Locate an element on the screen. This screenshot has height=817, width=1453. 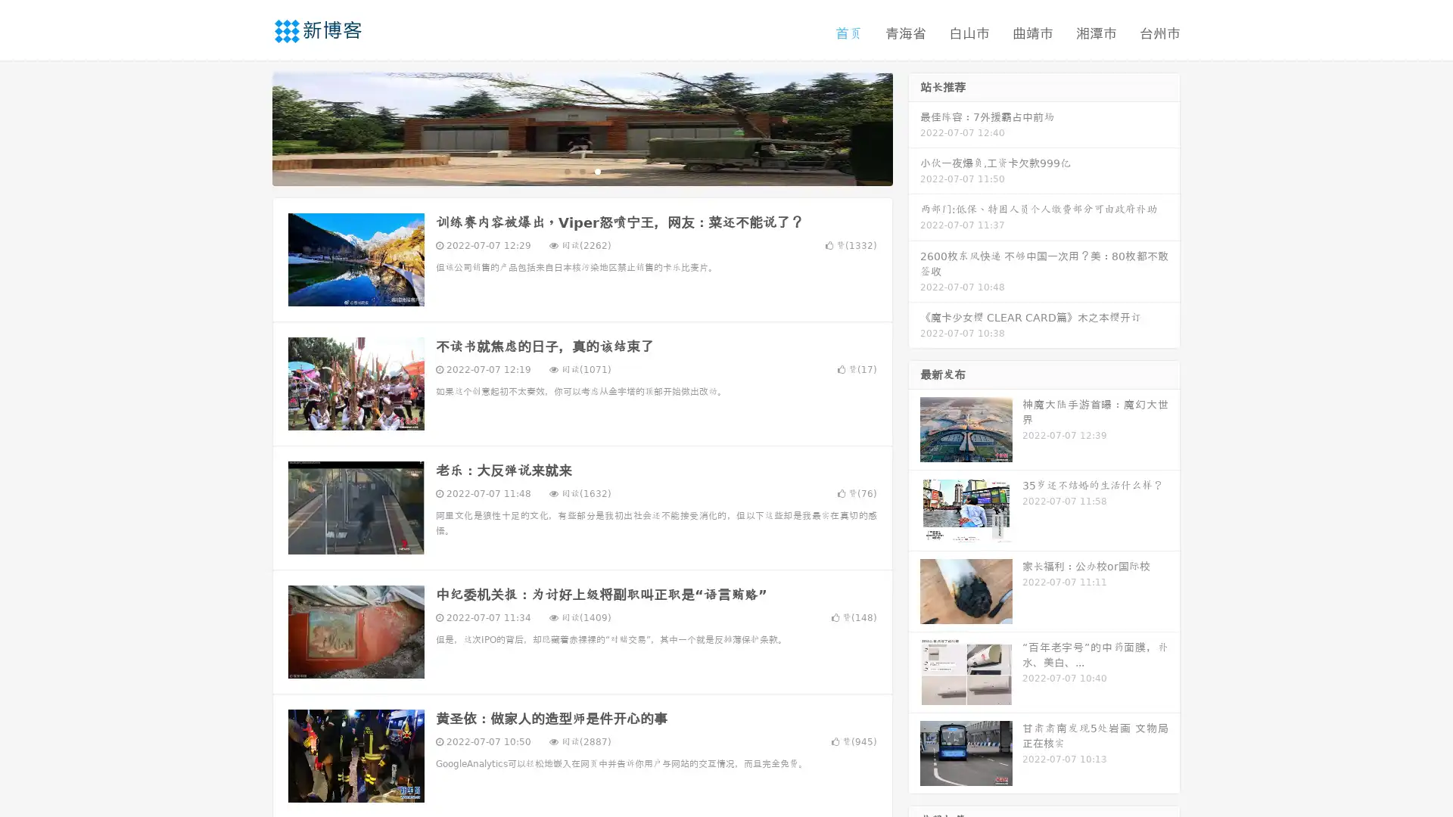
Next slide is located at coordinates (914, 127).